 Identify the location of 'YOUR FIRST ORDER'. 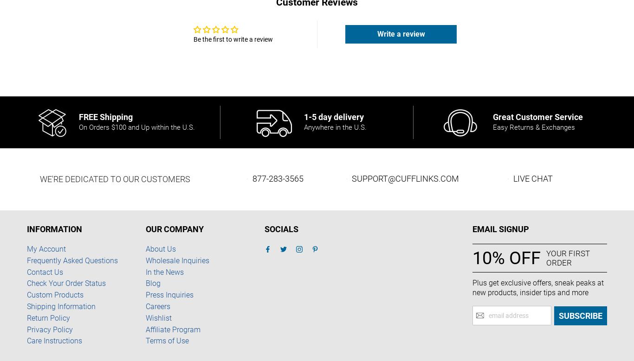
(567, 257).